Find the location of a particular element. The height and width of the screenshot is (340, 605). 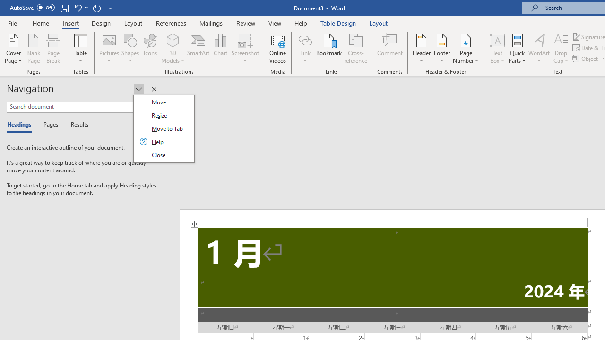

'Footer' is located at coordinates (441, 49).